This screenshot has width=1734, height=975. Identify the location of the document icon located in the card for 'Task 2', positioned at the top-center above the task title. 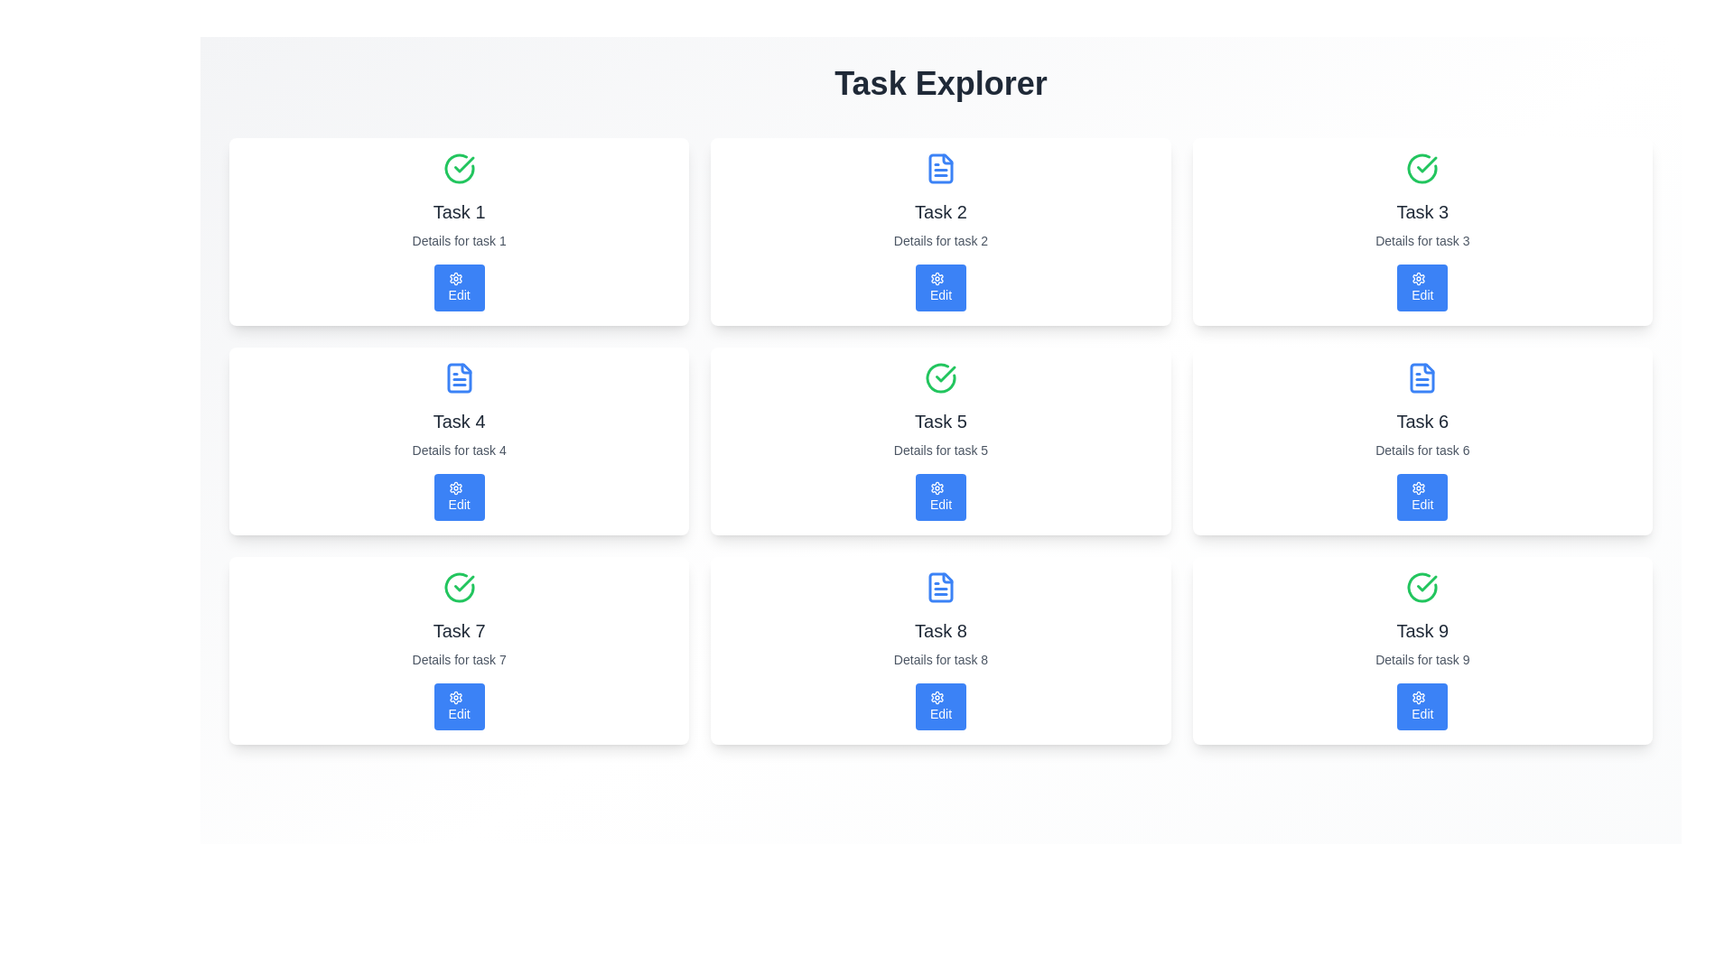
(939, 168).